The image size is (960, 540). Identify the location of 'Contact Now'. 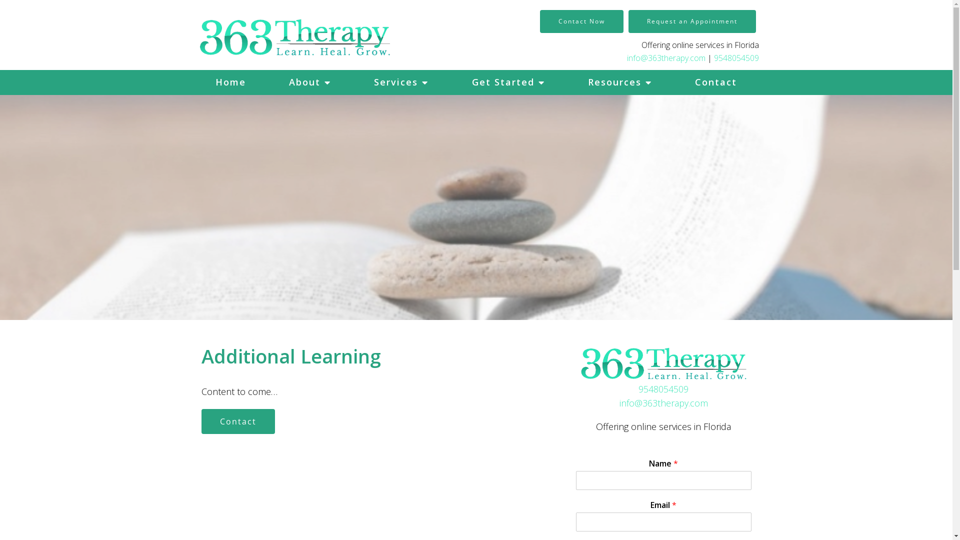
(581, 21).